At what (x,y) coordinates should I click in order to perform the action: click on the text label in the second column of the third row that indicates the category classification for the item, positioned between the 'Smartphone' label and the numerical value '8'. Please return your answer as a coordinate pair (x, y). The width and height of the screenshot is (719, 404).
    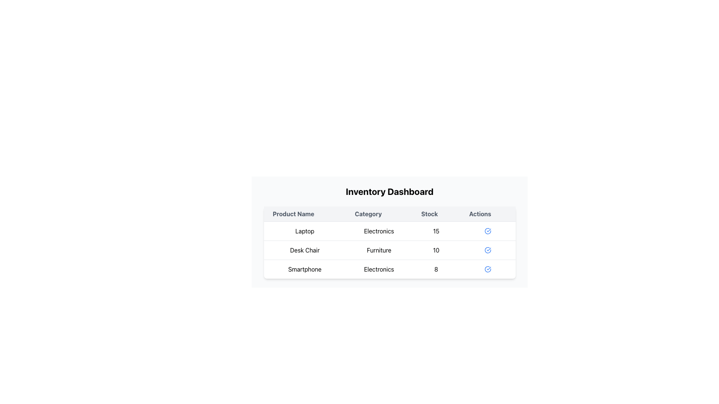
    Looking at the image, I should click on (379, 269).